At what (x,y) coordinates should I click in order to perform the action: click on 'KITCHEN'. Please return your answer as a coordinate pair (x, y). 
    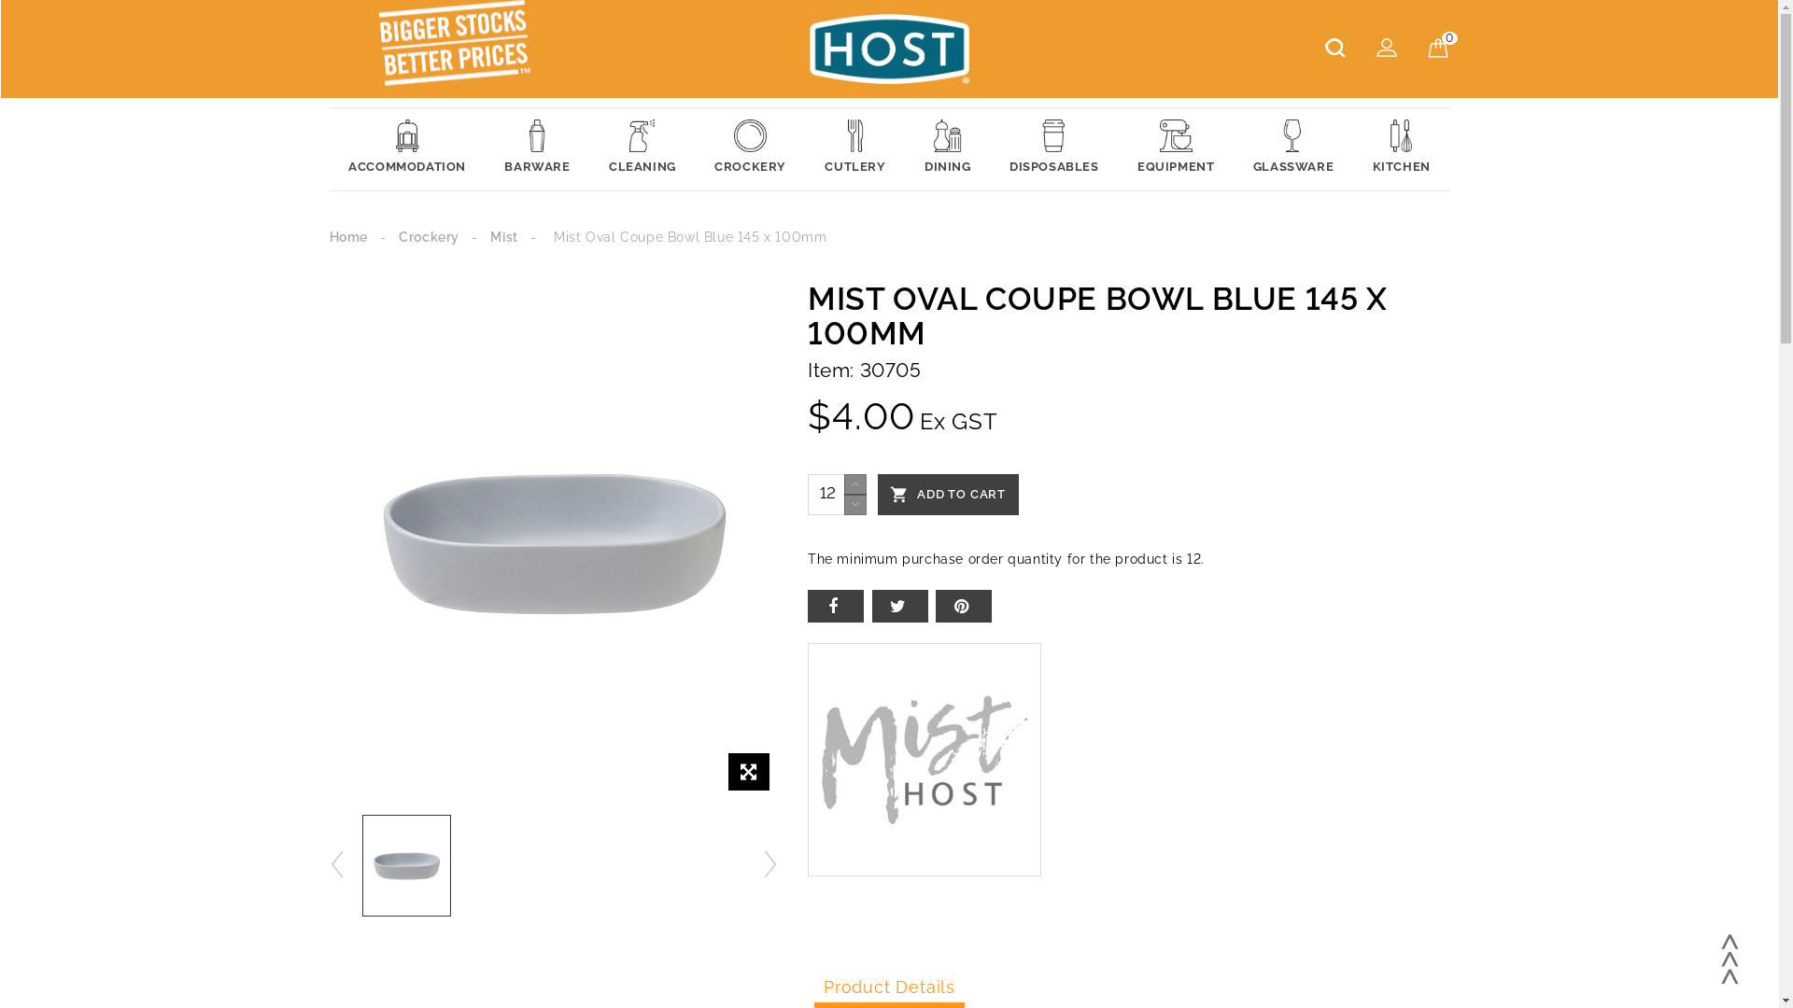
    Looking at the image, I should click on (1402, 147).